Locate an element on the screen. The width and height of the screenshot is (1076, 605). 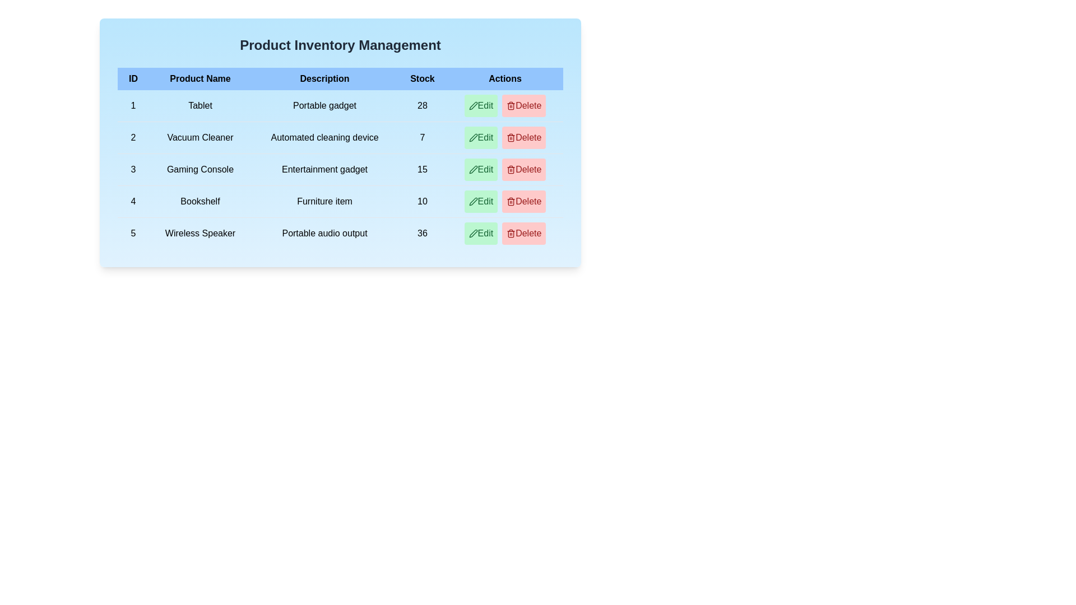
the delete icon located inside the 'Delete' button, which is positioned in the second row of the table for the product 'Vacuum Cleaner' is located at coordinates (511, 106).